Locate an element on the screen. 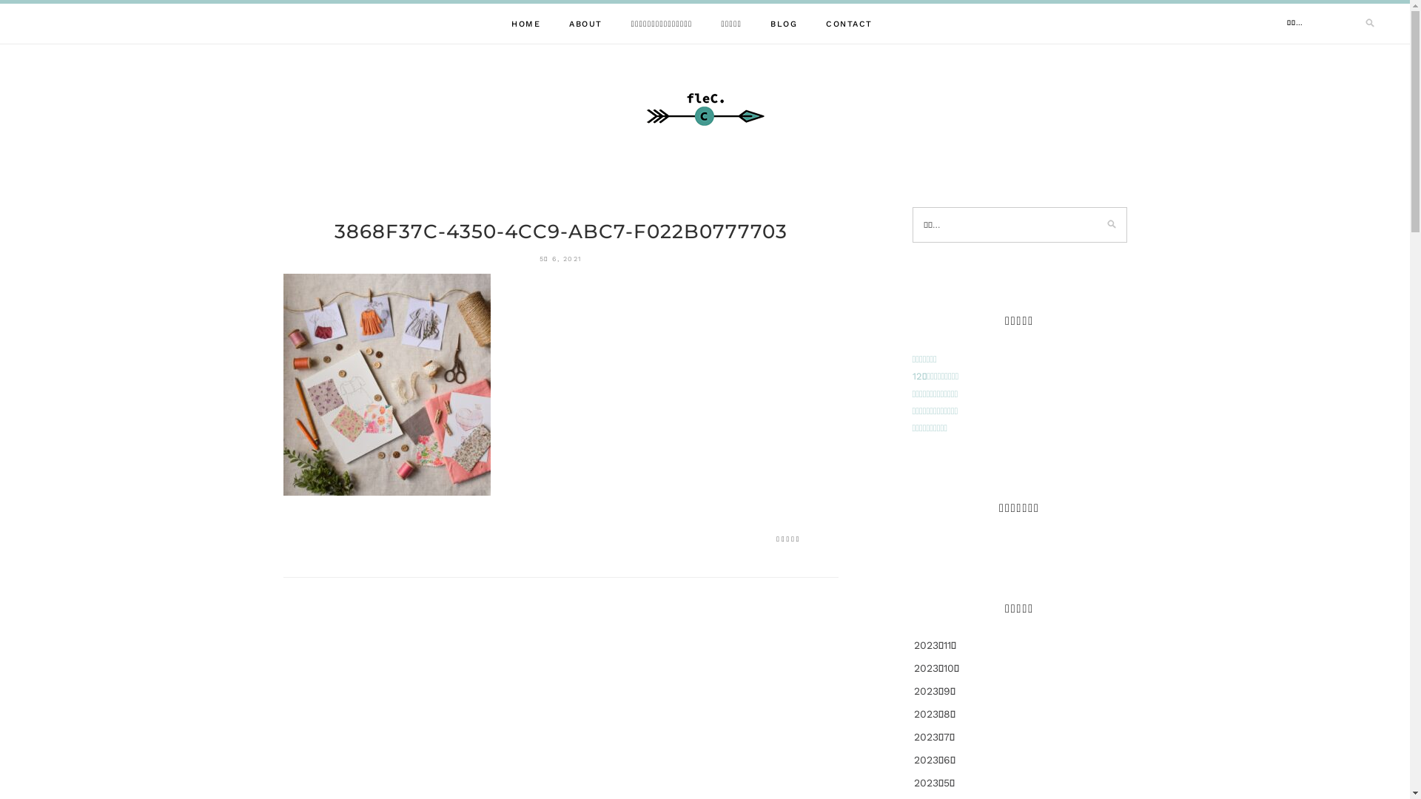 This screenshot has height=799, width=1421. 'CONTACT' is located at coordinates (825, 24).